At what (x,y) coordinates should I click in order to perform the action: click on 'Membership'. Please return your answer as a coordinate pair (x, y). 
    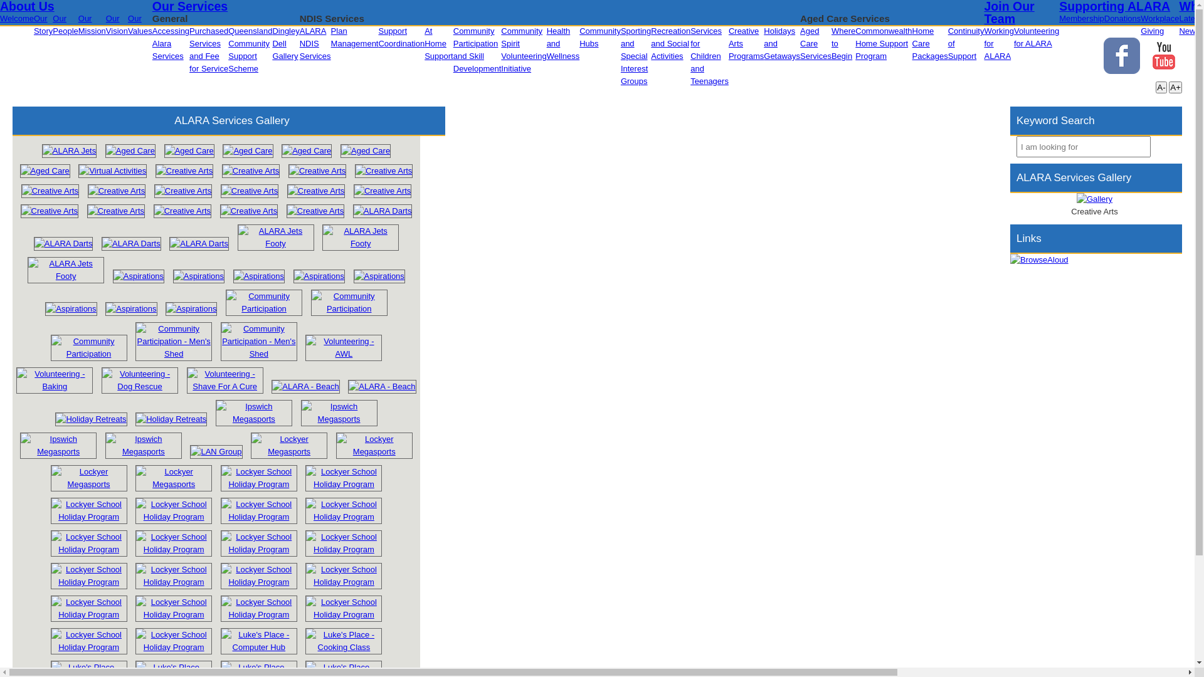
    Looking at the image, I should click on (1080, 18).